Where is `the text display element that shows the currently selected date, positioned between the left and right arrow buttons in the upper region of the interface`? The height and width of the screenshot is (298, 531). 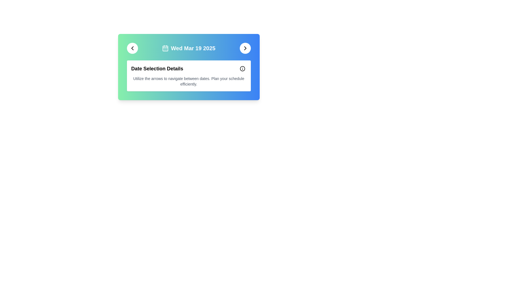
the text display element that shows the currently selected date, positioned between the left and right arrow buttons in the upper region of the interface is located at coordinates (189, 48).